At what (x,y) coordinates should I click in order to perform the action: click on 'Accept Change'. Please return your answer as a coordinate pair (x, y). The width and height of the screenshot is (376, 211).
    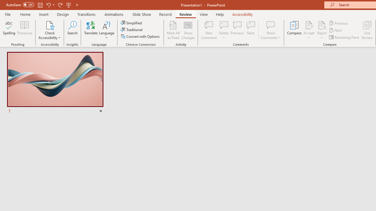
    Looking at the image, I should click on (308, 25).